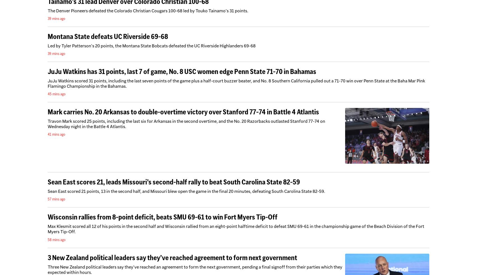 This screenshot has height=275, width=477. What do you see at coordinates (173, 182) in the screenshot?
I see `'Sean East scores 21, leads Missouri’s second-half rally to beat South Carolina State 82-59'` at bounding box center [173, 182].